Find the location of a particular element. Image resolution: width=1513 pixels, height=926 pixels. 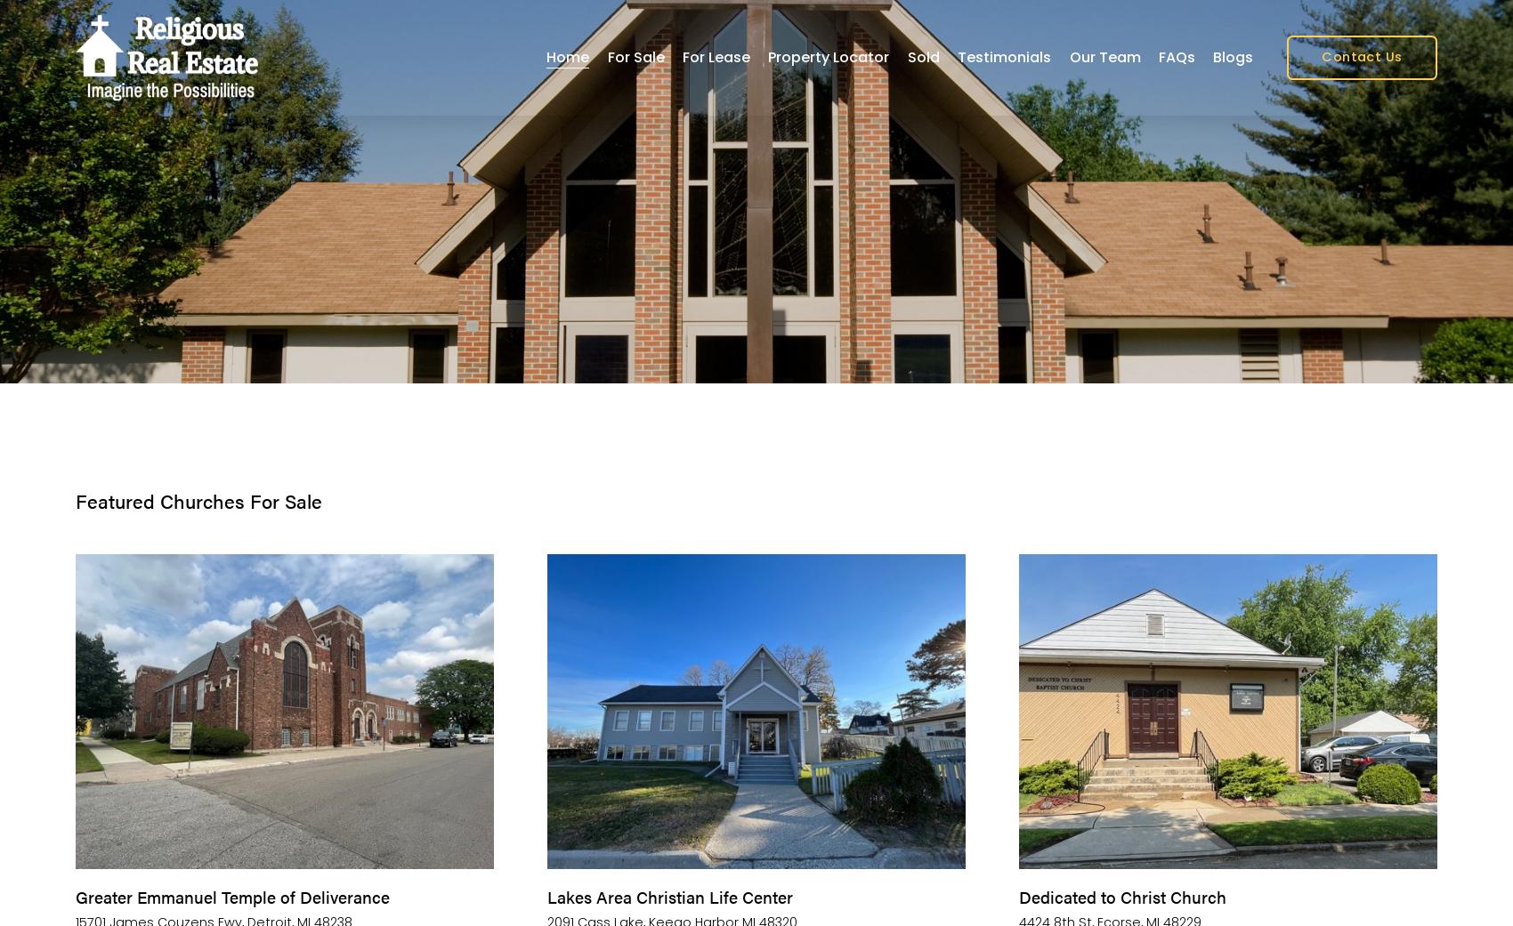

'Lakes Area Christian Life Center' is located at coordinates (668, 895).